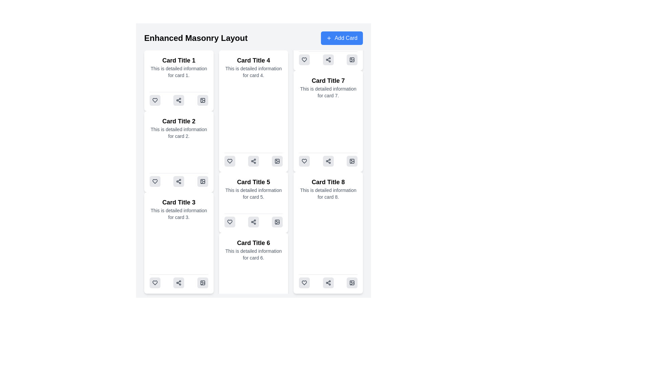 The image size is (650, 365). I want to click on the content display card that summarizes an item or data, located in the first column and first row of the grid layout, so click(179, 80).